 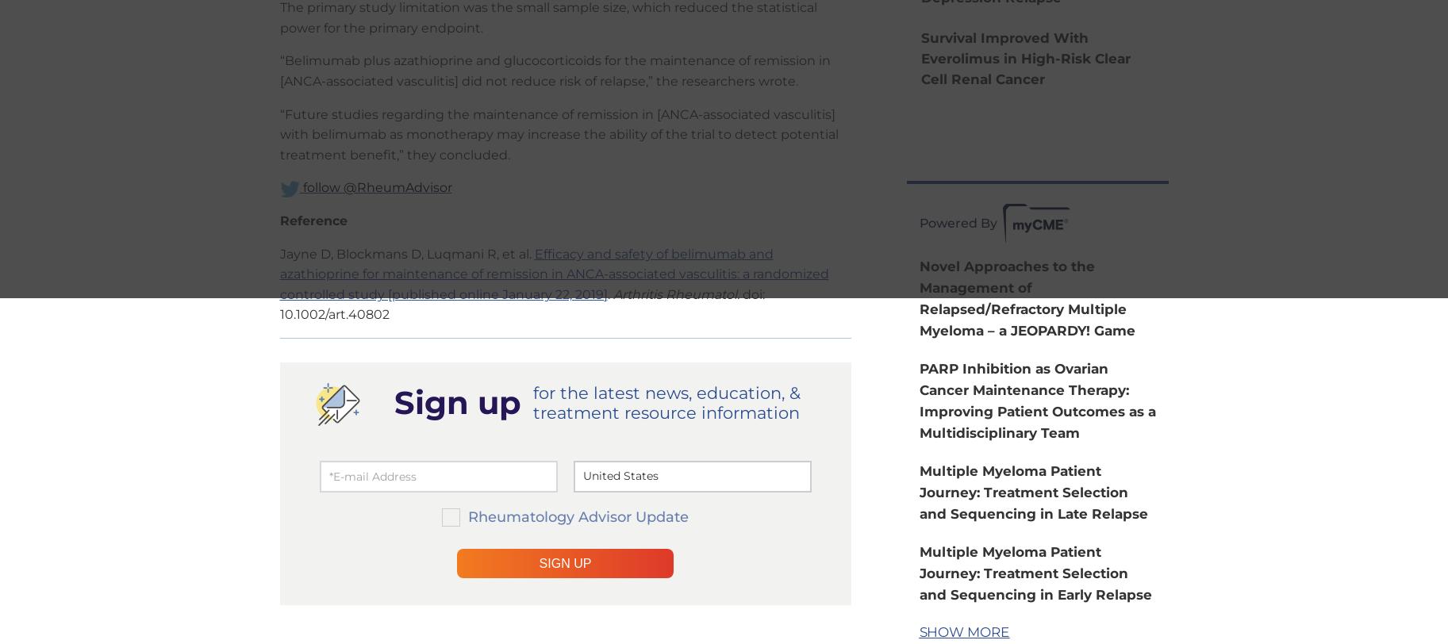 What do you see at coordinates (564, 562) in the screenshot?
I see `'Sign Up'` at bounding box center [564, 562].